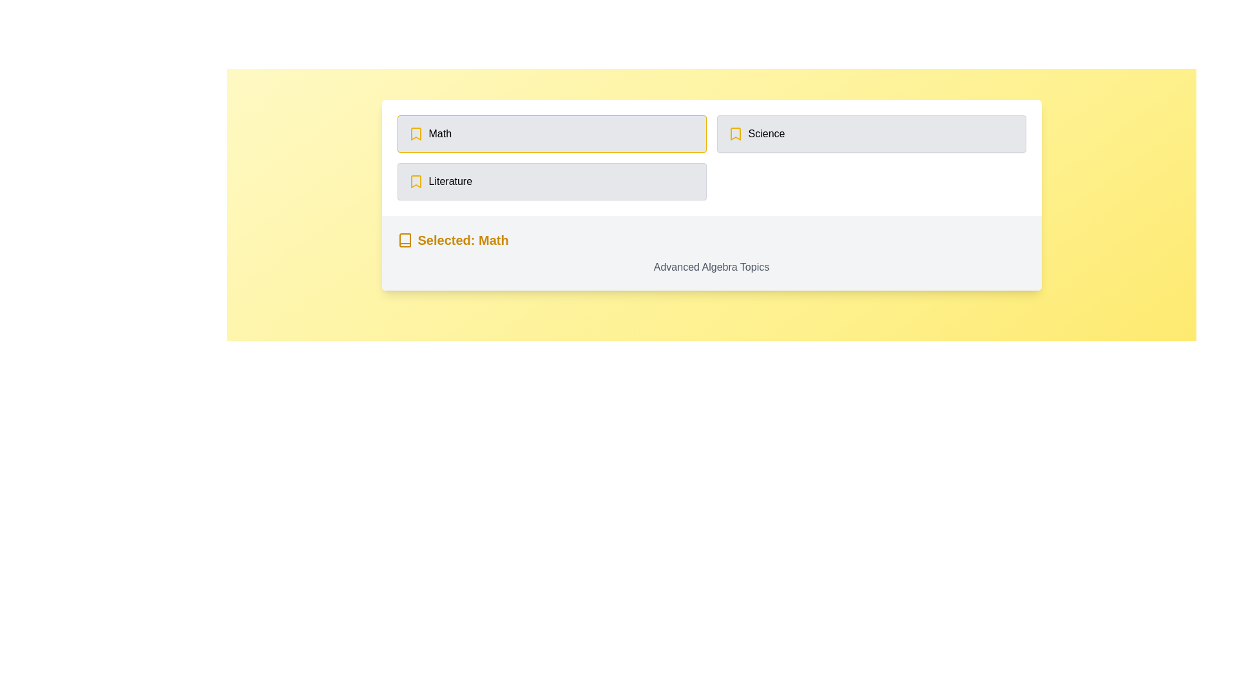 This screenshot has height=696, width=1237. What do you see at coordinates (416, 134) in the screenshot?
I see `the yellow bookmark-like icon located above the 'Literature' tab in the horizontal layout of selectable subject tabs` at bounding box center [416, 134].